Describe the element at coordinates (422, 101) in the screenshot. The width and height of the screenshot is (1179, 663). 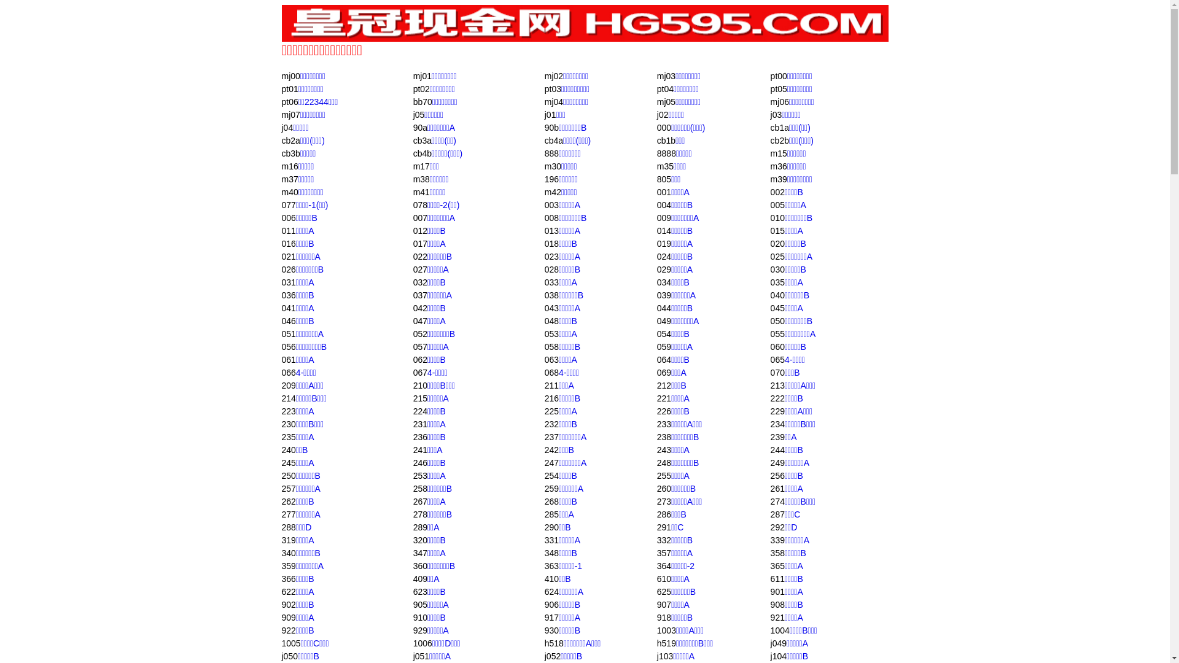
I see `'bb70'` at that location.